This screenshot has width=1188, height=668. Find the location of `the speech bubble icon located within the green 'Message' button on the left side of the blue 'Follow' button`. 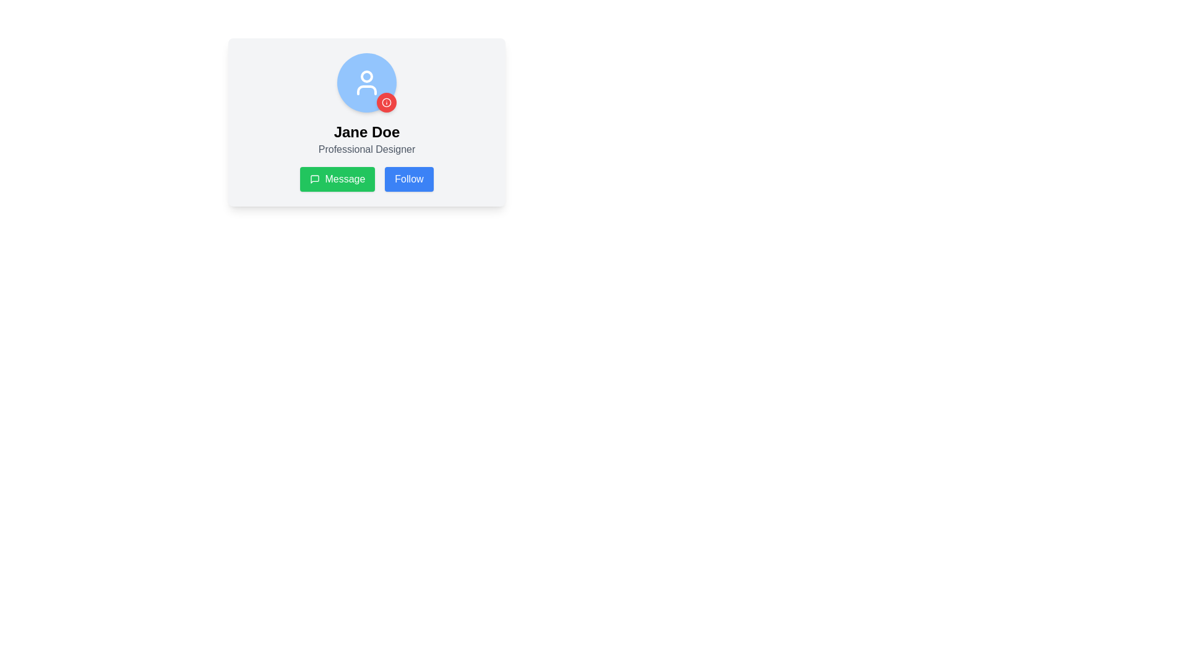

the speech bubble icon located within the green 'Message' button on the left side of the blue 'Follow' button is located at coordinates (315, 179).